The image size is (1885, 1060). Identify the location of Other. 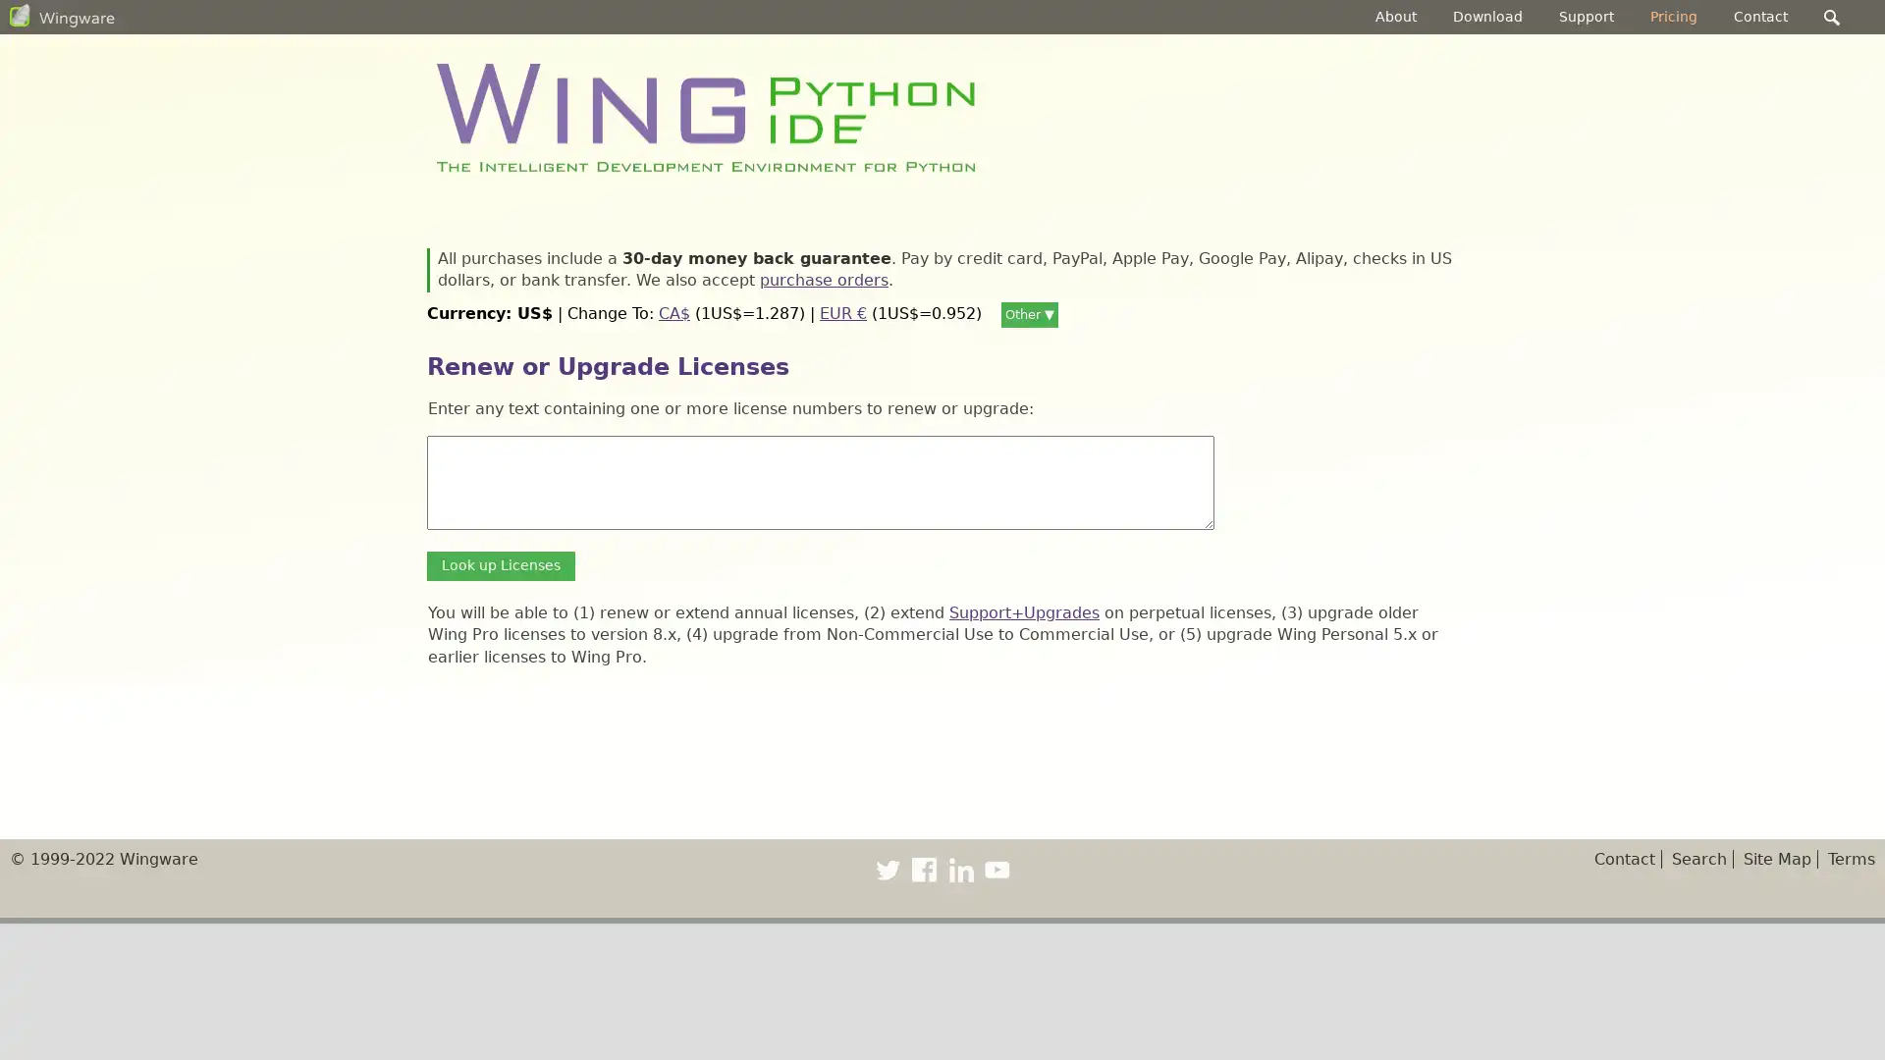
(1029, 313).